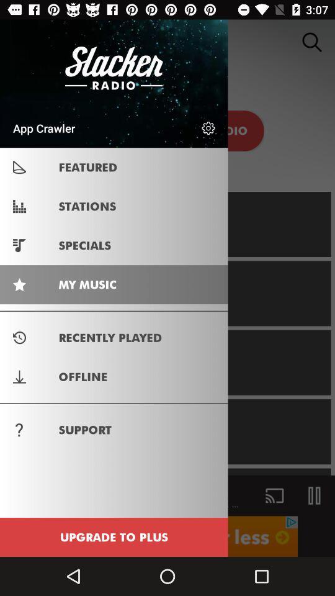  I want to click on the pause icon, so click(315, 495).